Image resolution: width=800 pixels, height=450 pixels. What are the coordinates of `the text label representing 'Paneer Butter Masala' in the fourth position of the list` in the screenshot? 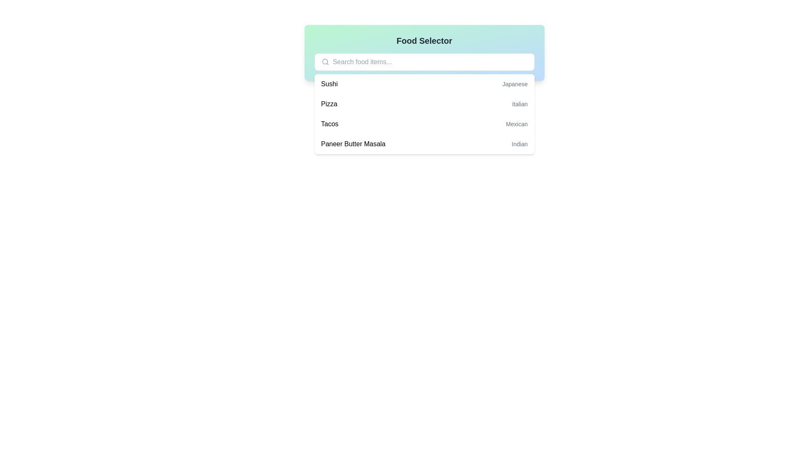 It's located at (353, 144).